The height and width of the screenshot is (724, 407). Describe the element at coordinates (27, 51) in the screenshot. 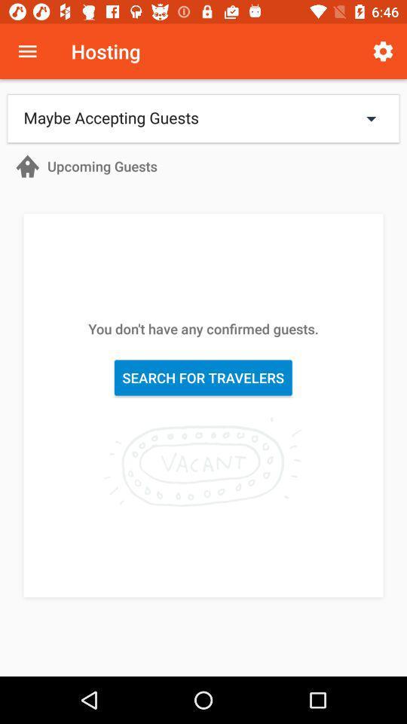

I see `icon next to the hosting` at that location.